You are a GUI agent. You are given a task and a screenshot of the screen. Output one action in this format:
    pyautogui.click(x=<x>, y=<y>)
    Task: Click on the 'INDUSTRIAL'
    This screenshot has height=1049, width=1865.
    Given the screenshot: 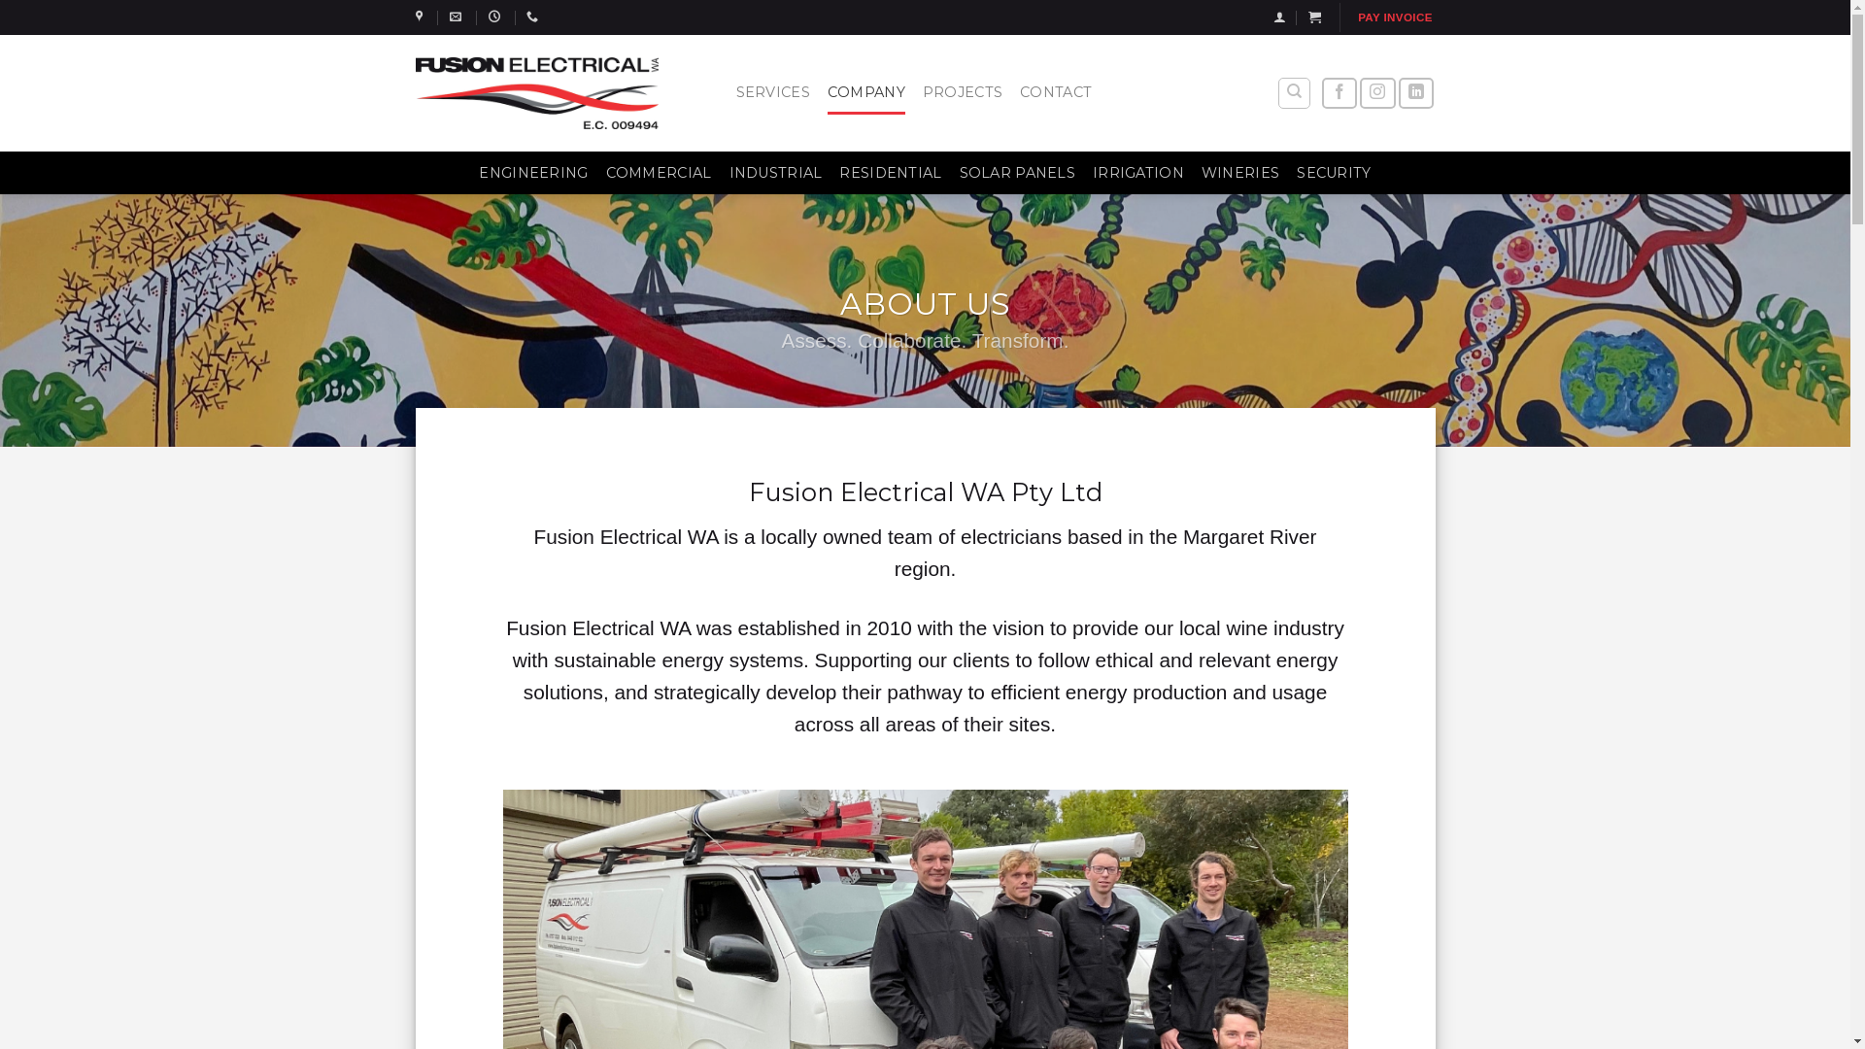 What is the action you would take?
    pyautogui.click(x=773, y=171)
    